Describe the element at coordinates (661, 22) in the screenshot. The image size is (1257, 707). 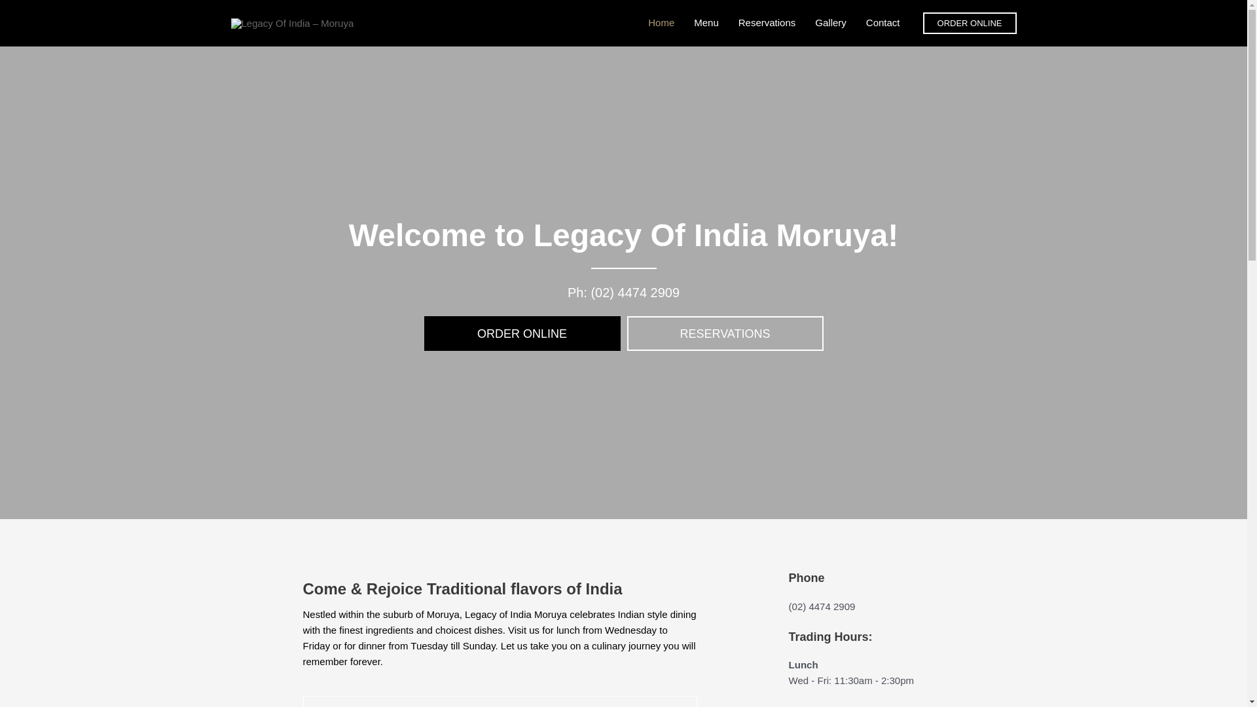
I see `'Home'` at that location.